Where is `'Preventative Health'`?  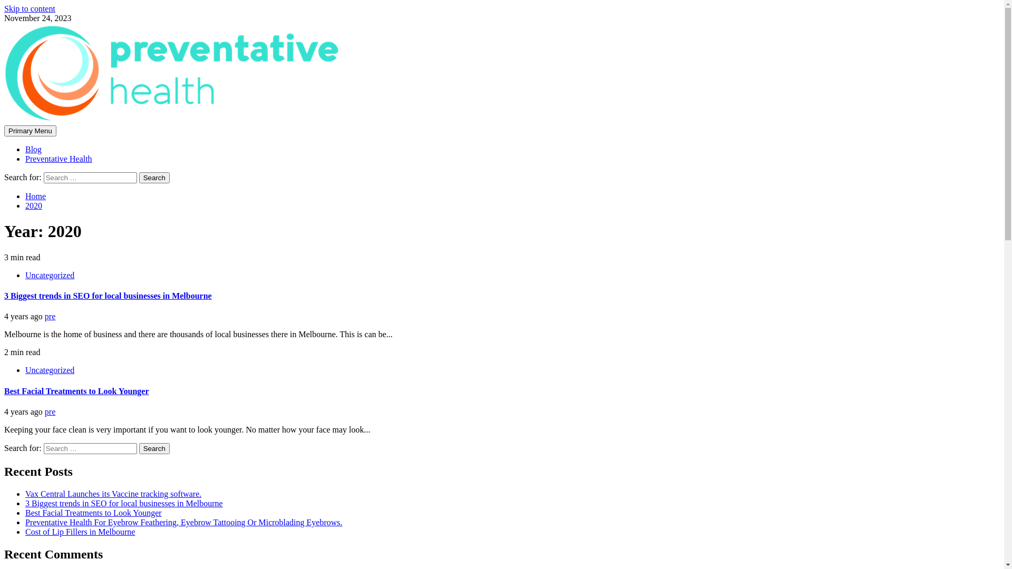
'Preventative Health' is located at coordinates (58, 159).